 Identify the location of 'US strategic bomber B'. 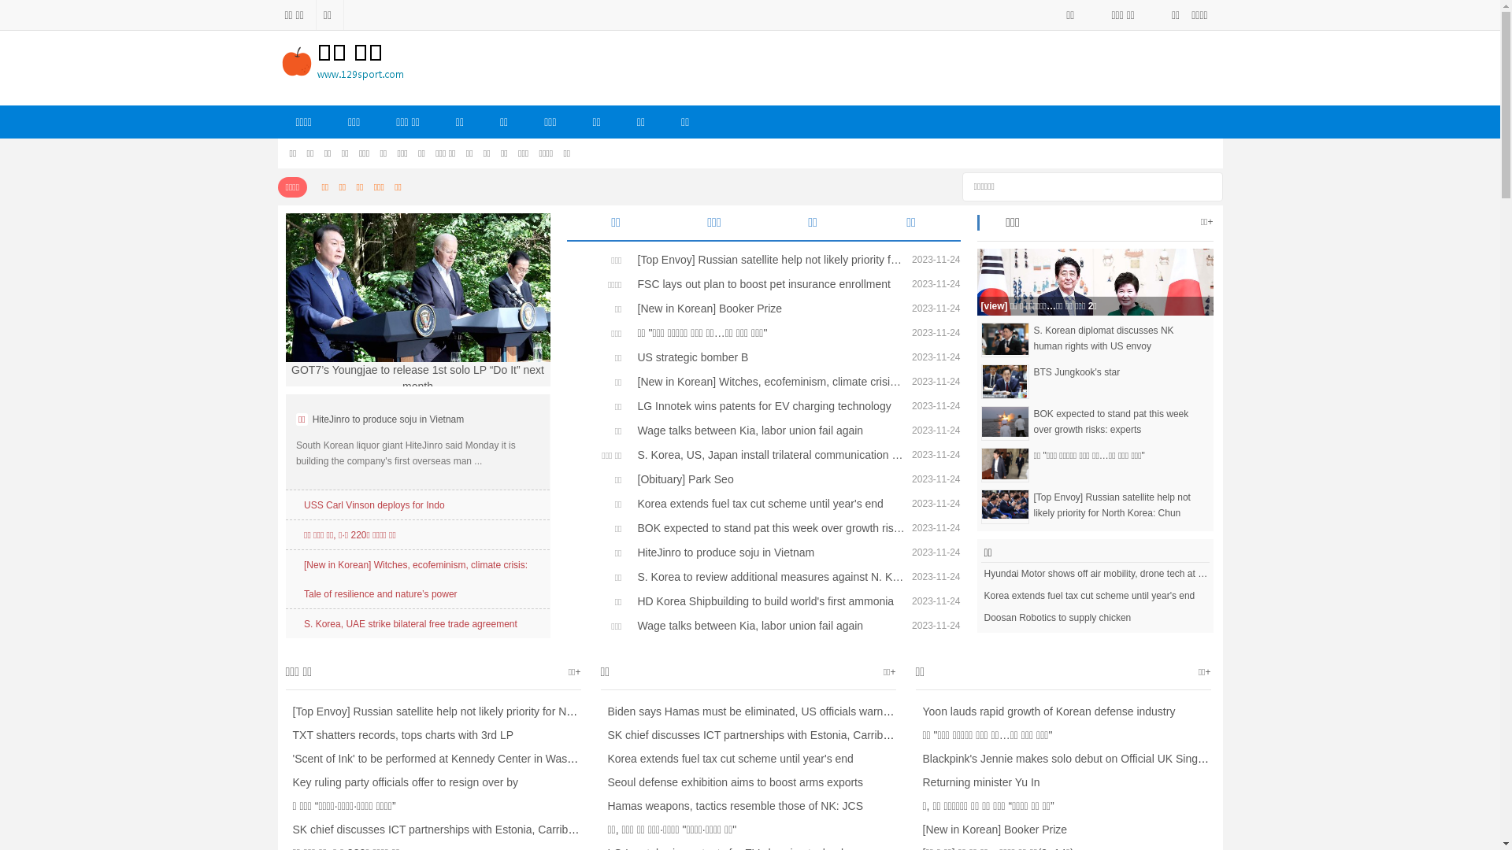
(630, 357).